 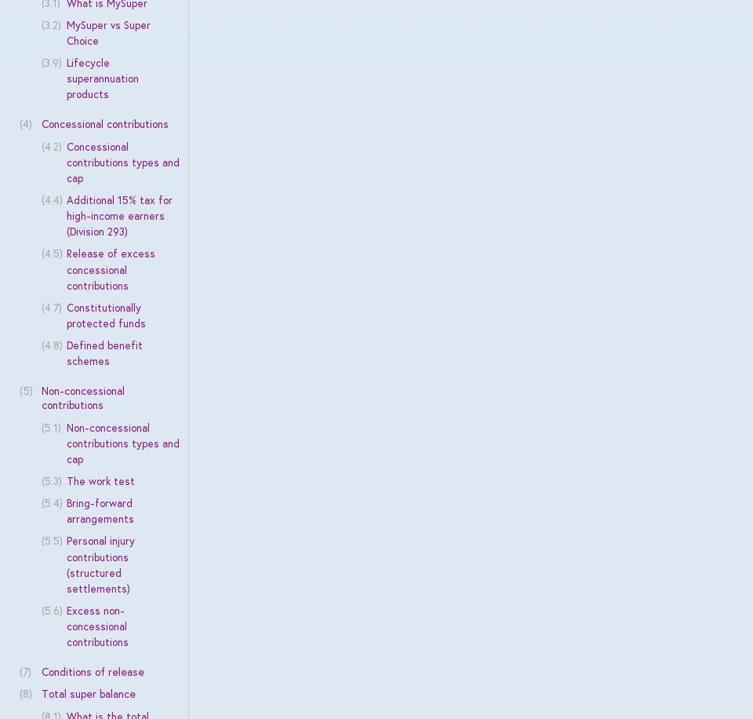 What do you see at coordinates (51, 252) in the screenshot?
I see `'(4.5)'` at bounding box center [51, 252].